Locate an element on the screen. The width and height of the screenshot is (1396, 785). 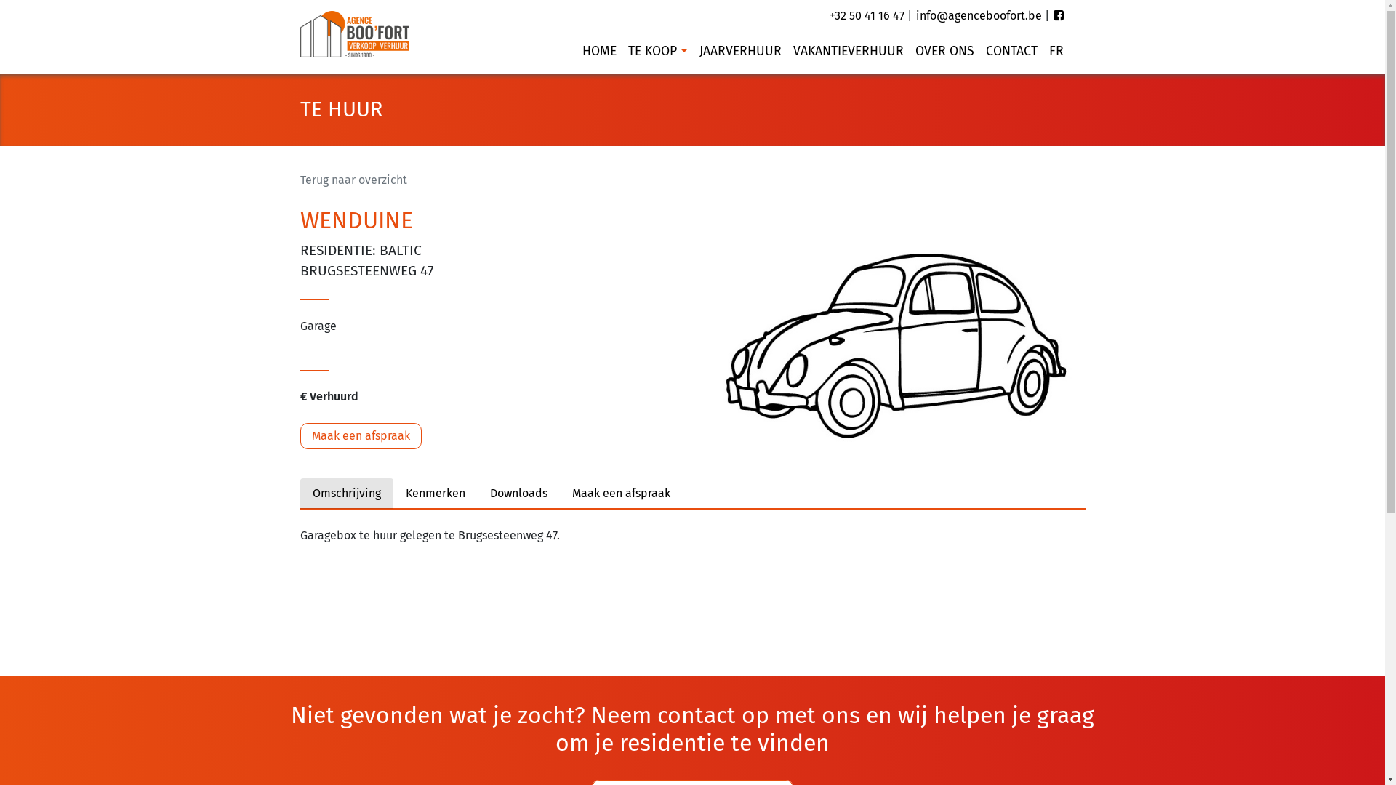
'+32 50 41 16 47' is located at coordinates (866, 15).